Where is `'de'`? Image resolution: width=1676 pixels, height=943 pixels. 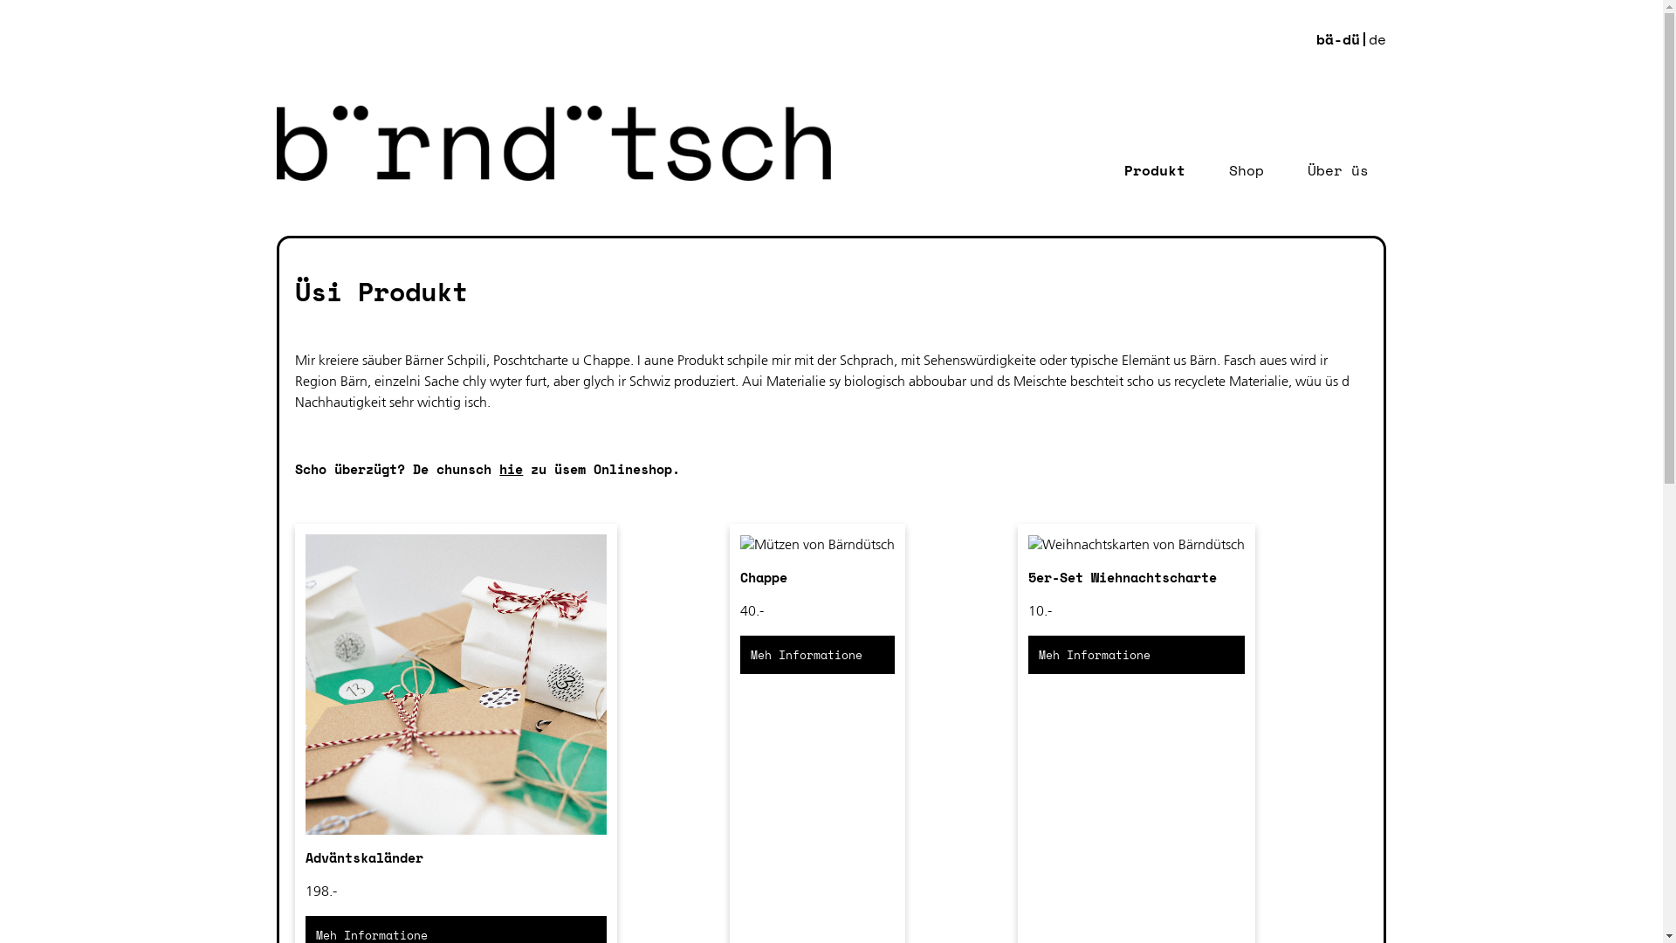 'de' is located at coordinates (1377, 39).